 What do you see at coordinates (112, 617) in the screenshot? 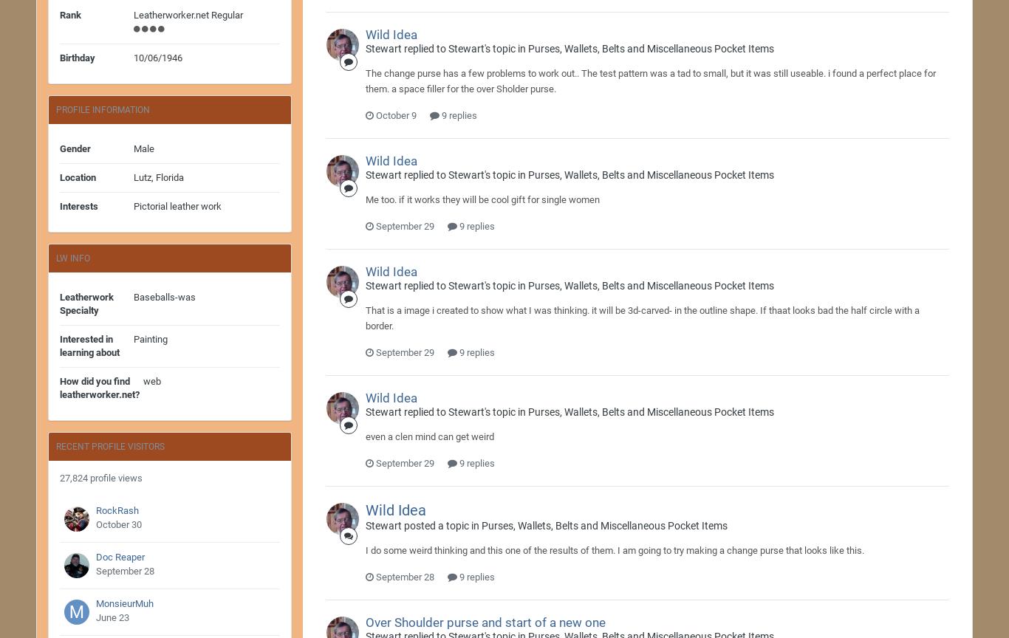
I see `'June 23'` at bounding box center [112, 617].